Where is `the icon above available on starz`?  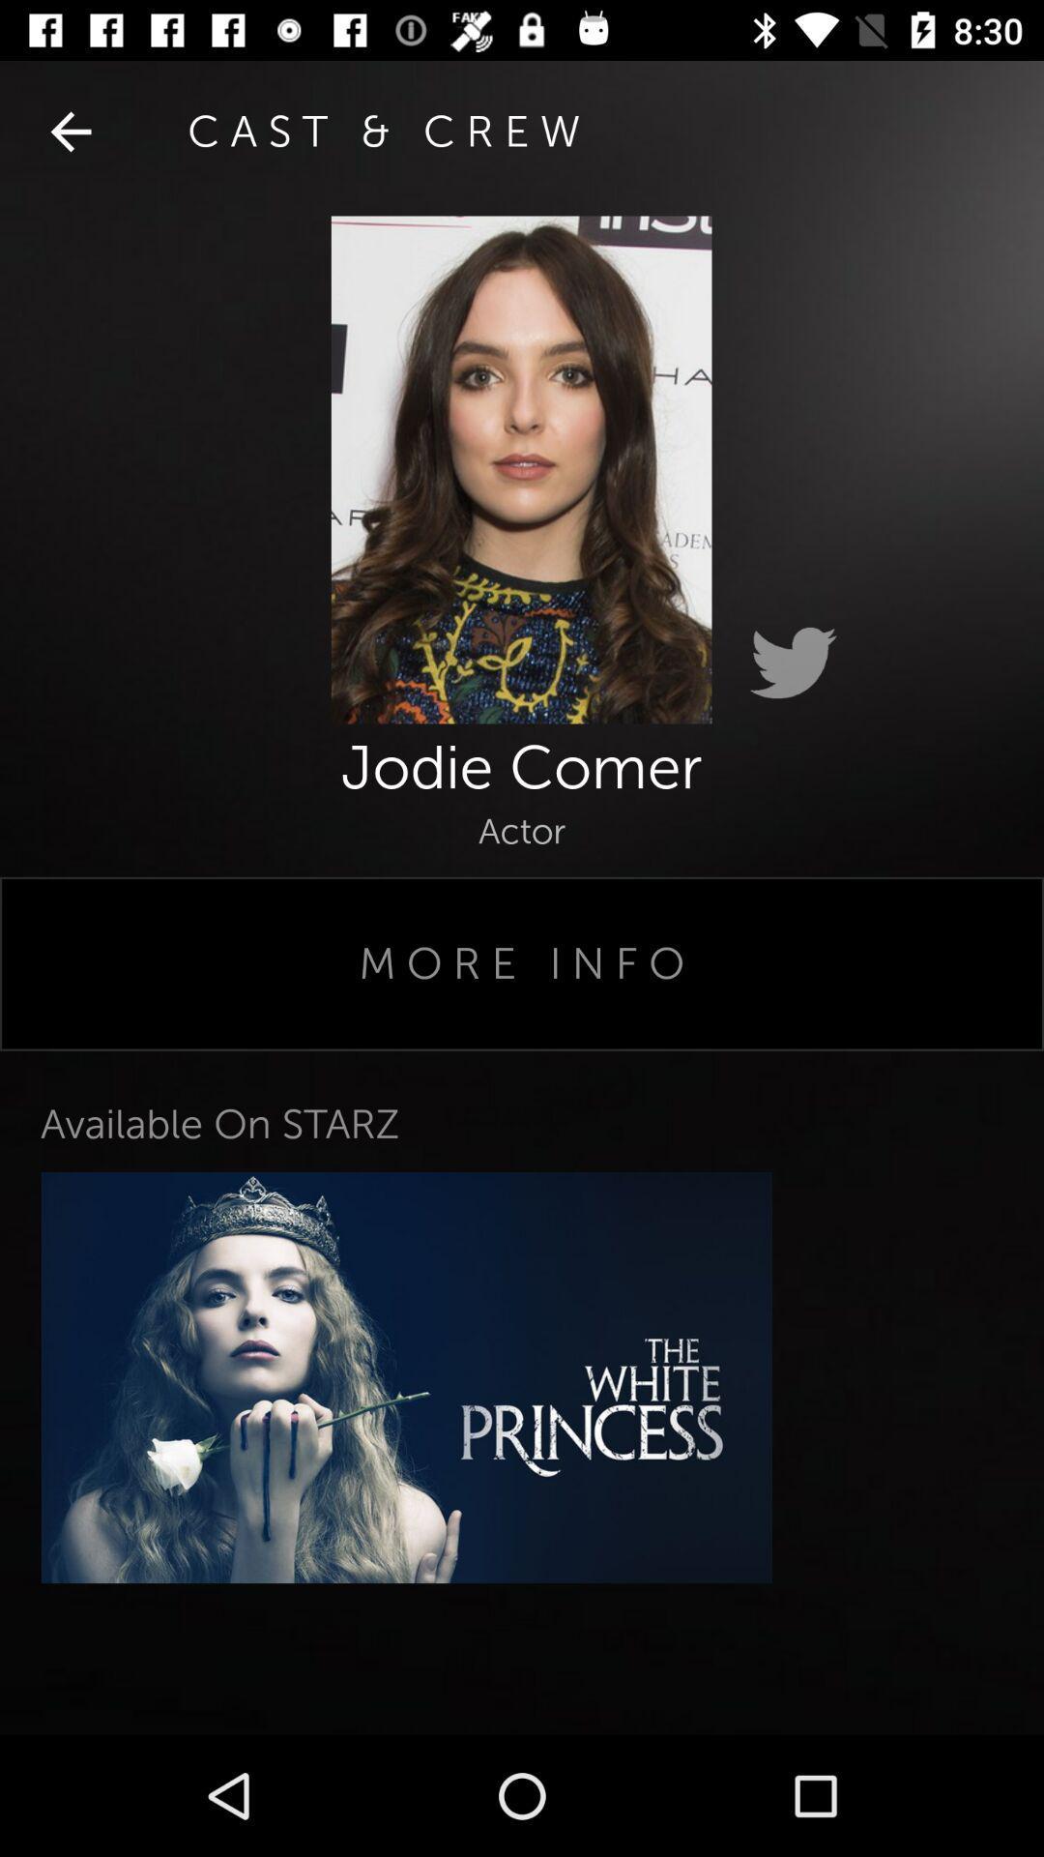
the icon above available on starz is located at coordinates (522, 963).